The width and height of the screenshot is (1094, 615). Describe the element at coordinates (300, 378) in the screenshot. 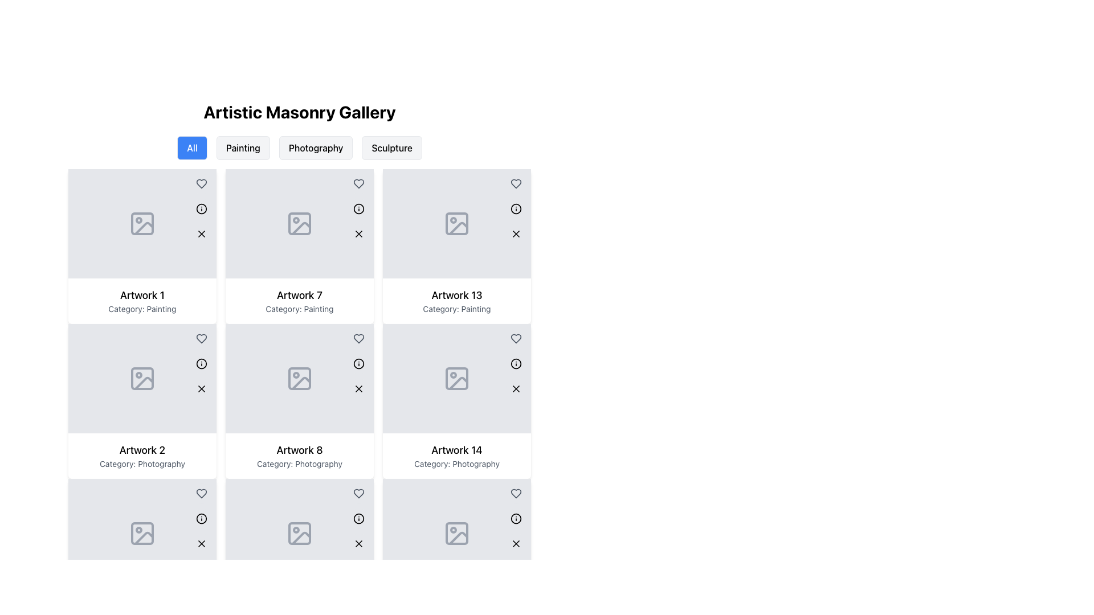

I see `the SVG icon located in the middle cell of the gallery grid, specifically in the 2nd row and 2nd column under the 'Artwork 8' entry` at that location.